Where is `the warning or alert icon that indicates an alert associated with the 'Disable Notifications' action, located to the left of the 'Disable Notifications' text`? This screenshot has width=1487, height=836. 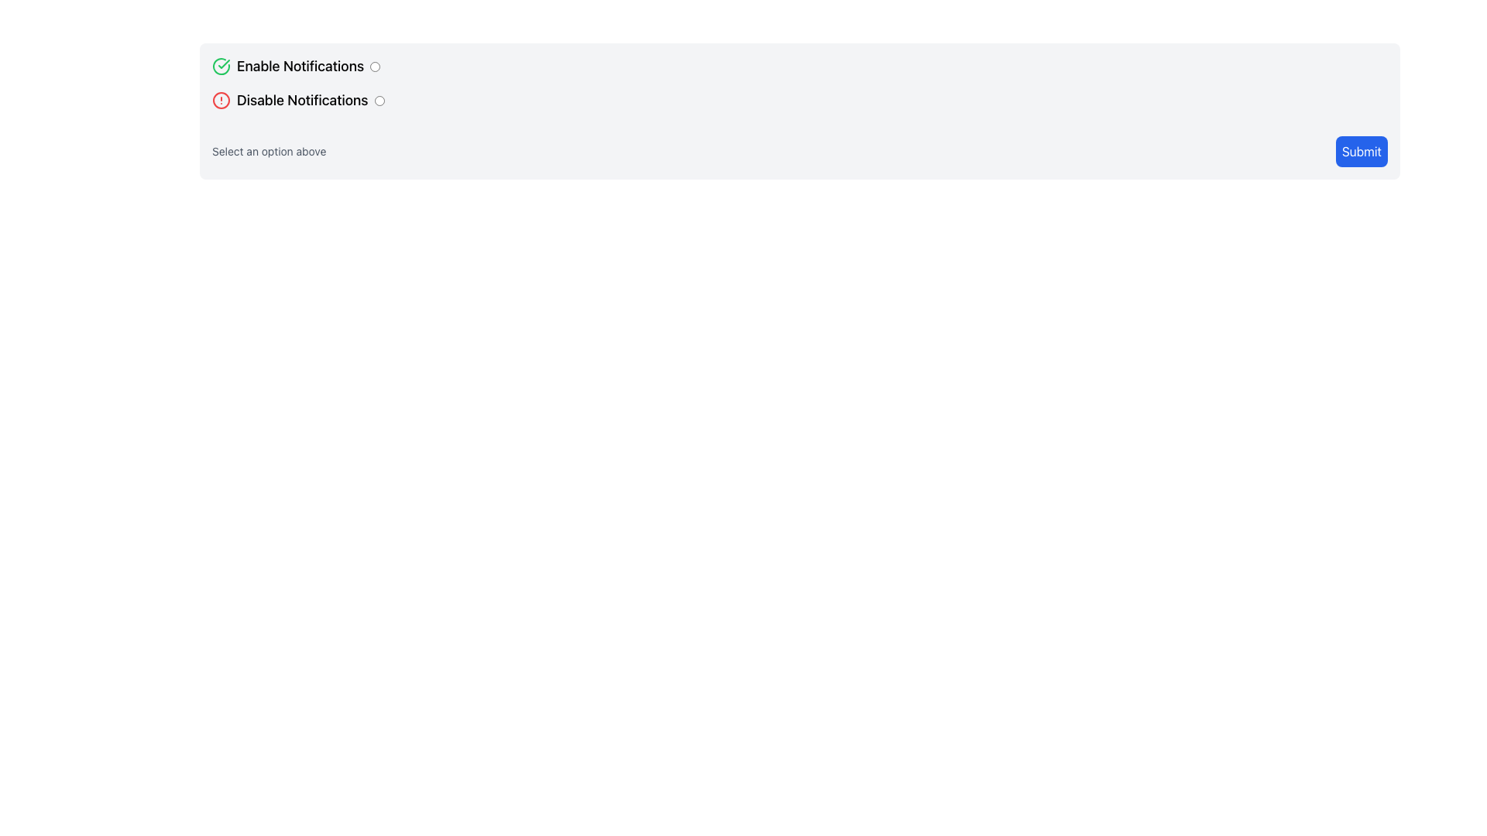
the warning or alert icon that indicates an alert associated with the 'Disable Notifications' action, located to the left of the 'Disable Notifications' text is located at coordinates (221, 101).